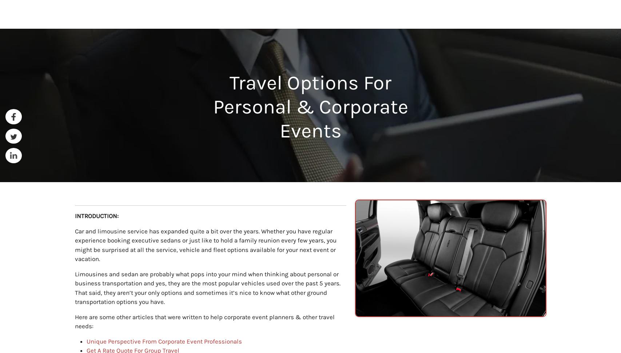 This screenshot has width=621, height=353. I want to click on 'Check out what our clients have to say about their experience with us.', so click(310, 184).